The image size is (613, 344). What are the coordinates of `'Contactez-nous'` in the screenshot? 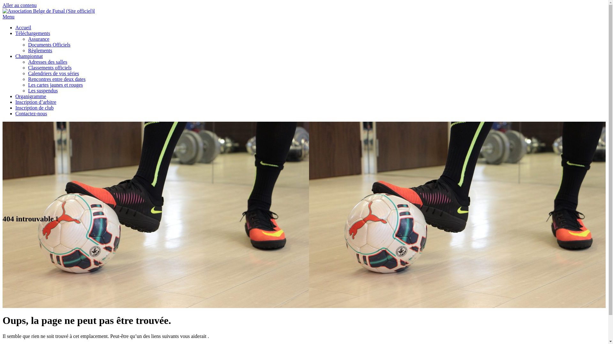 It's located at (15, 113).